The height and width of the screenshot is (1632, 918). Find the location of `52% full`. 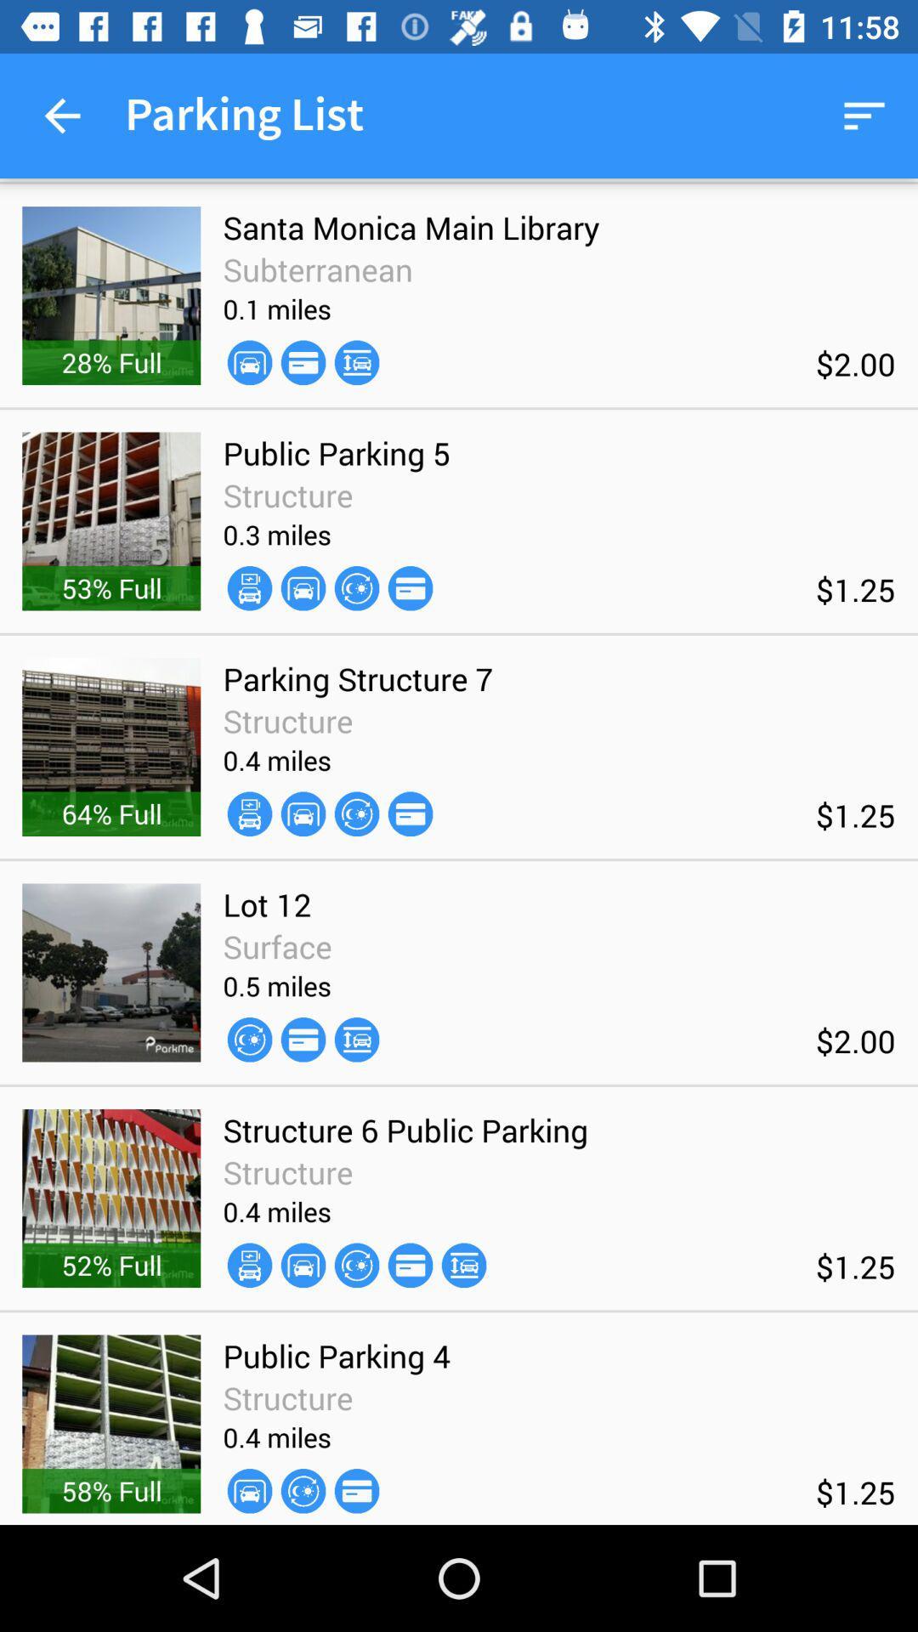

52% full is located at coordinates (111, 1265).